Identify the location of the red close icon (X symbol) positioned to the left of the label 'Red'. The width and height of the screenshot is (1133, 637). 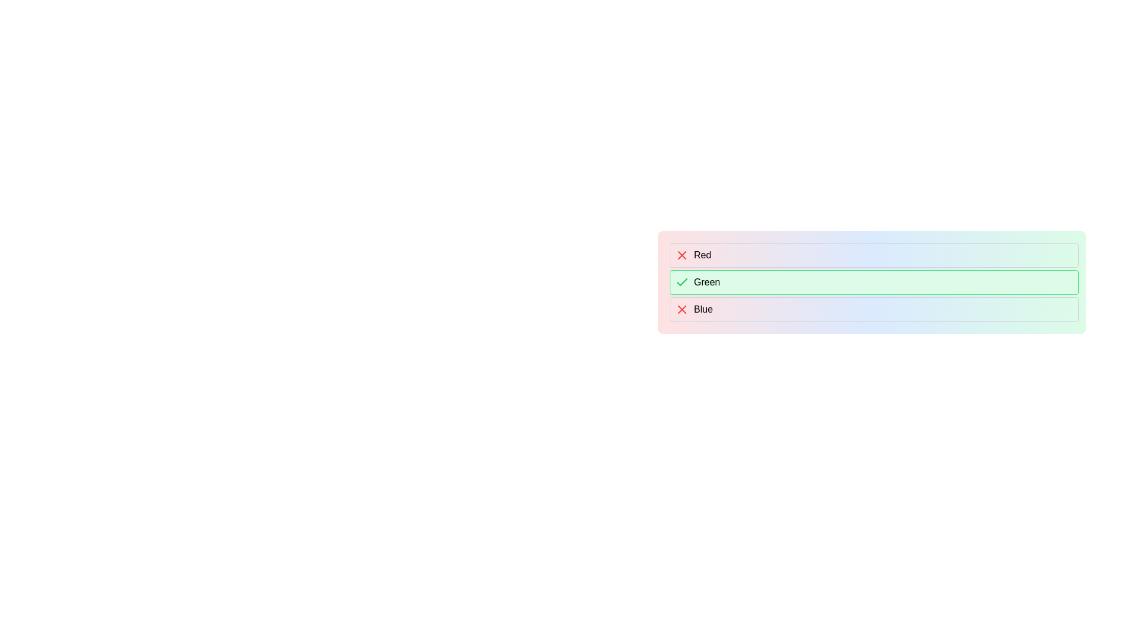
(682, 254).